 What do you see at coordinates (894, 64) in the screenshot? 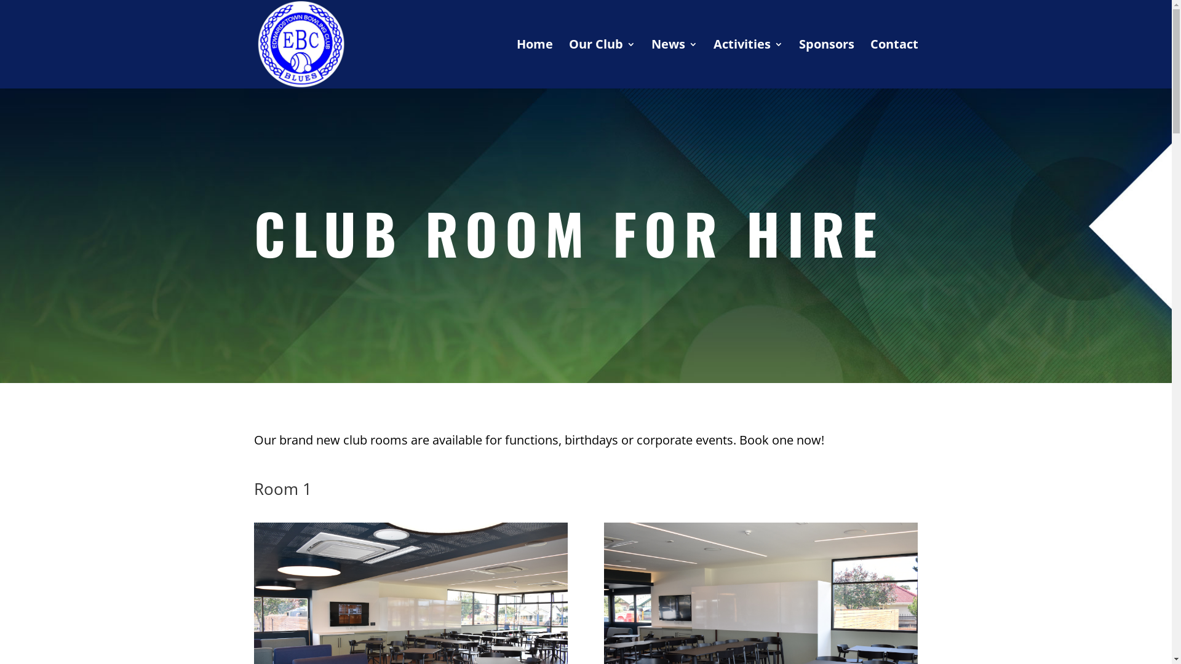
I see `'Contact'` at bounding box center [894, 64].